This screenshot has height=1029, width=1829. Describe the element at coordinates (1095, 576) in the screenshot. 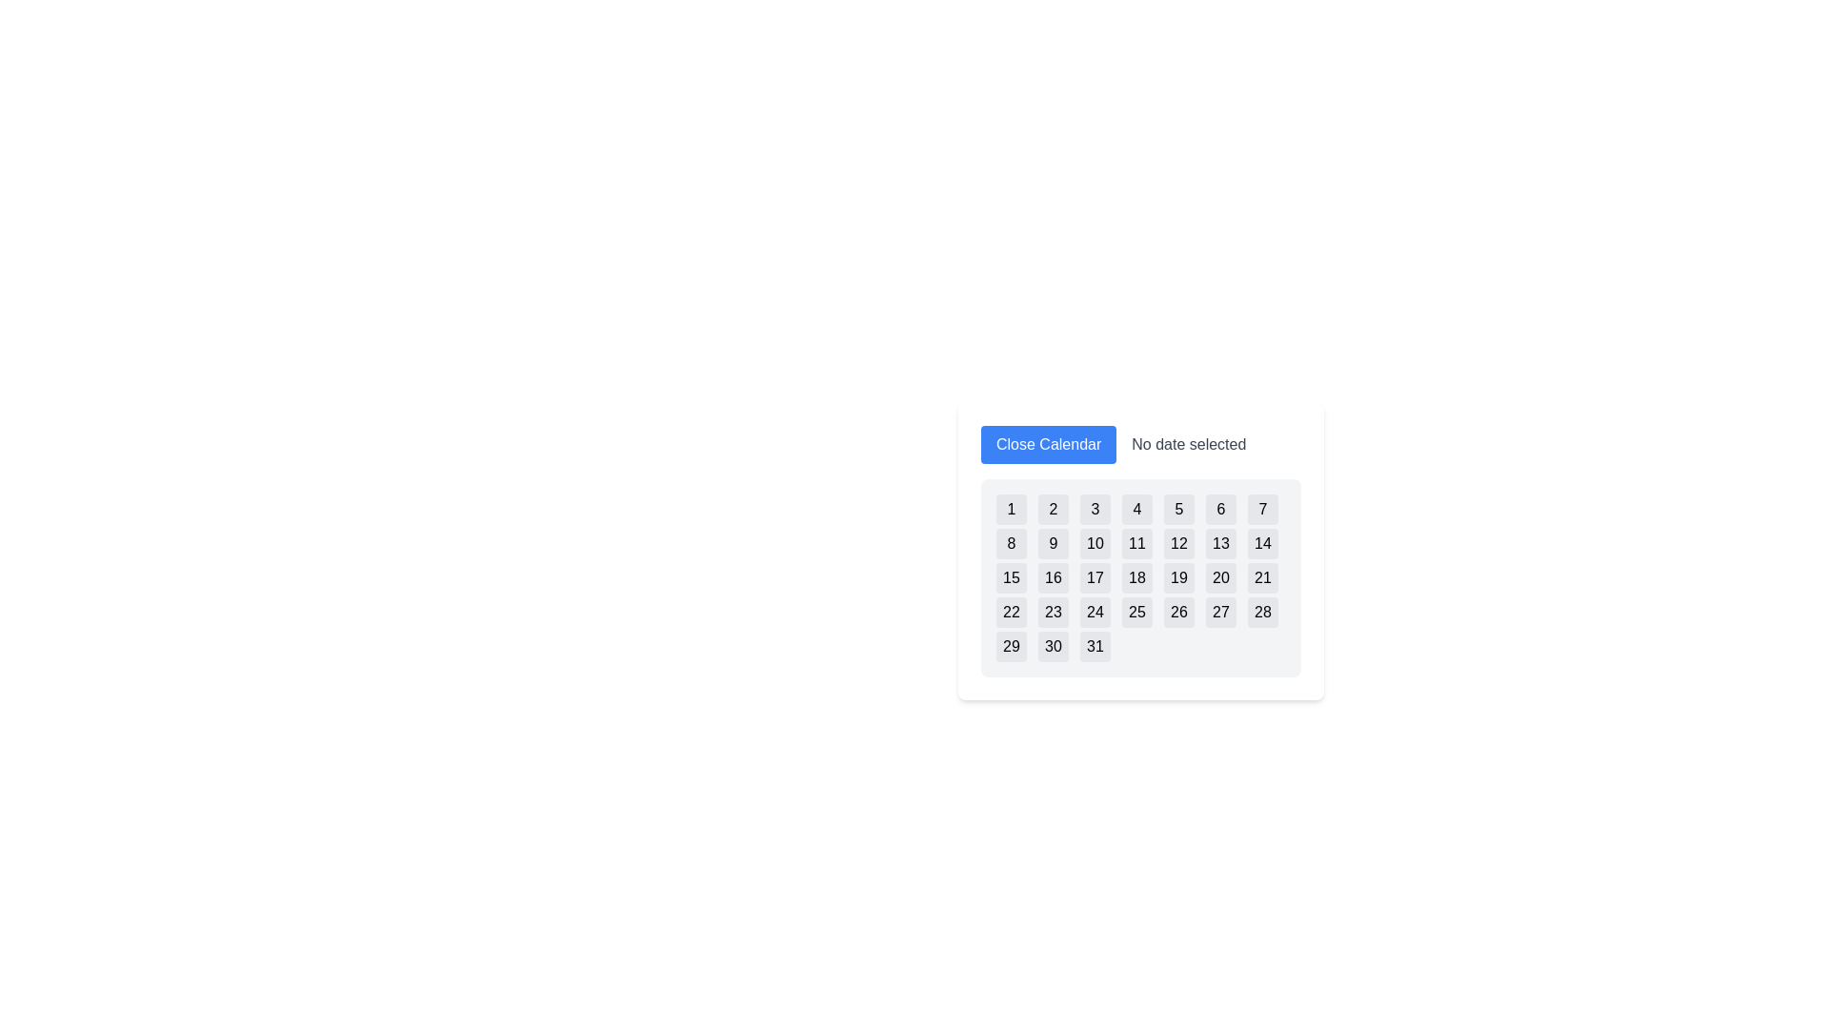

I see `the square button labeled '17' in the calendar grid` at that location.